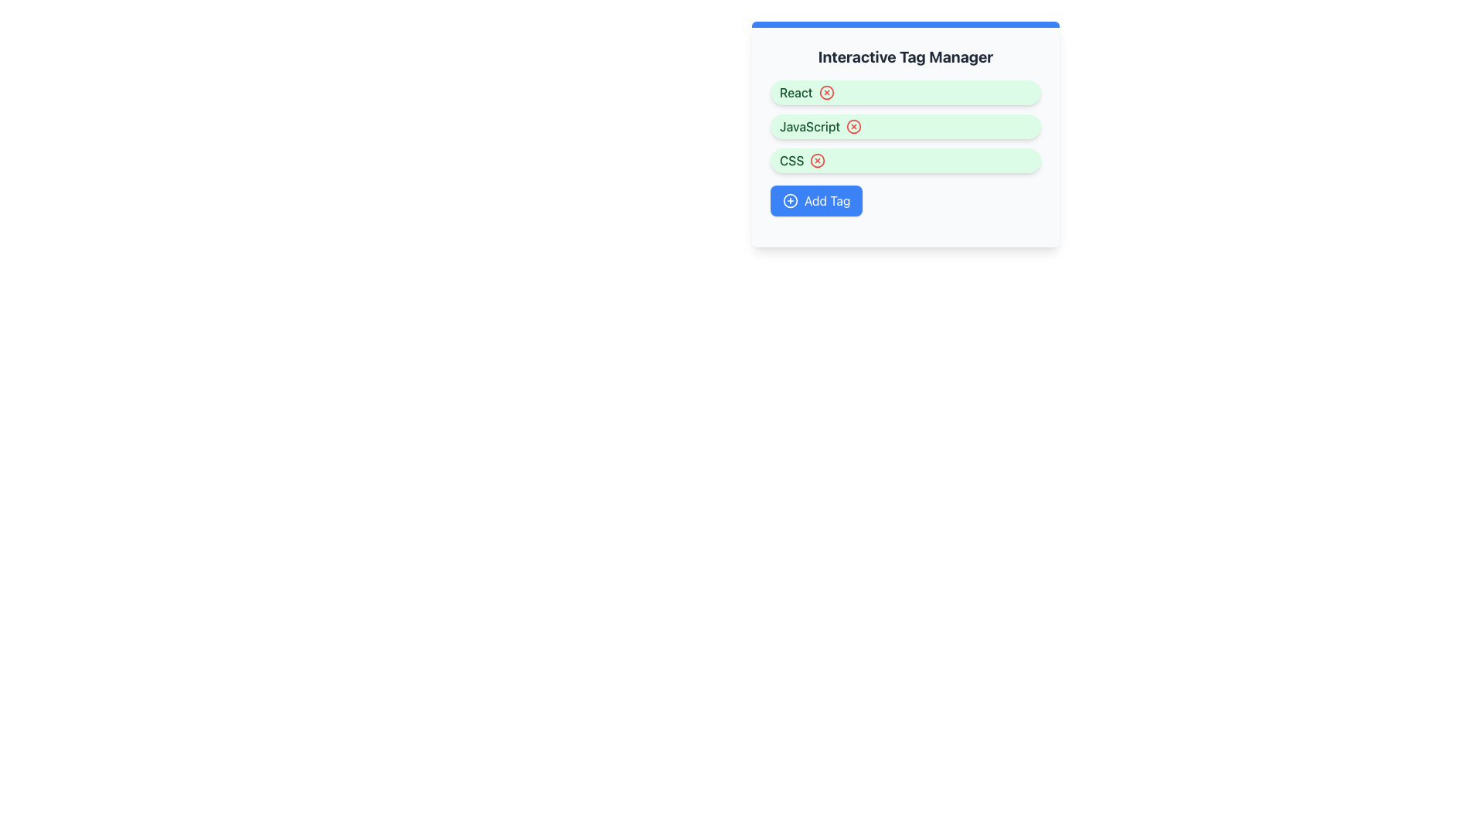 This screenshot has height=835, width=1484. What do you see at coordinates (905, 126) in the screenshot?
I see `the second tag in the 'Interactive Tag Manager'` at bounding box center [905, 126].